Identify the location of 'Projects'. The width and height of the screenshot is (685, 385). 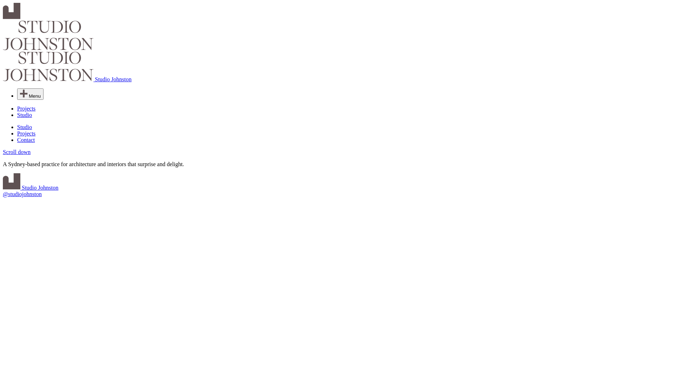
(26, 108).